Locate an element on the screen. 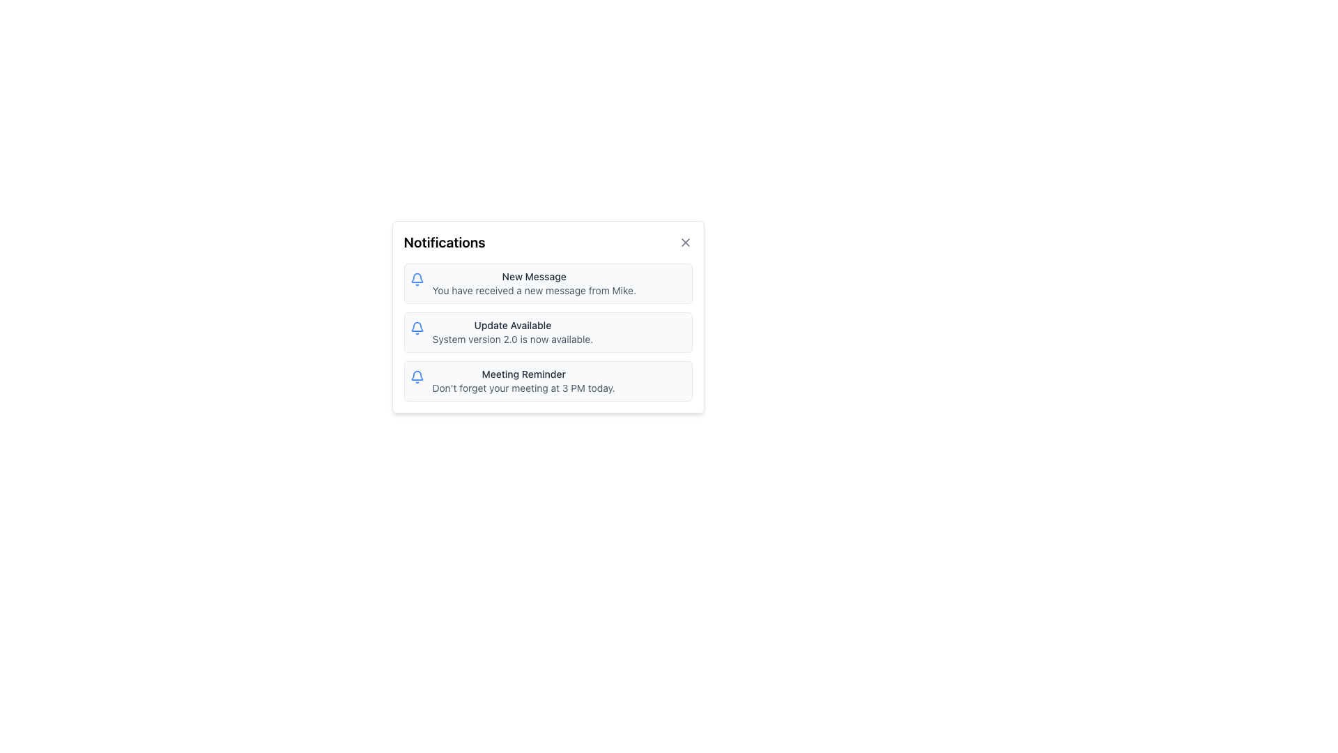 This screenshot has height=753, width=1338. the small 'X' icon in the top-right corner of the notification panel to change its color is located at coordinates (685, 241).